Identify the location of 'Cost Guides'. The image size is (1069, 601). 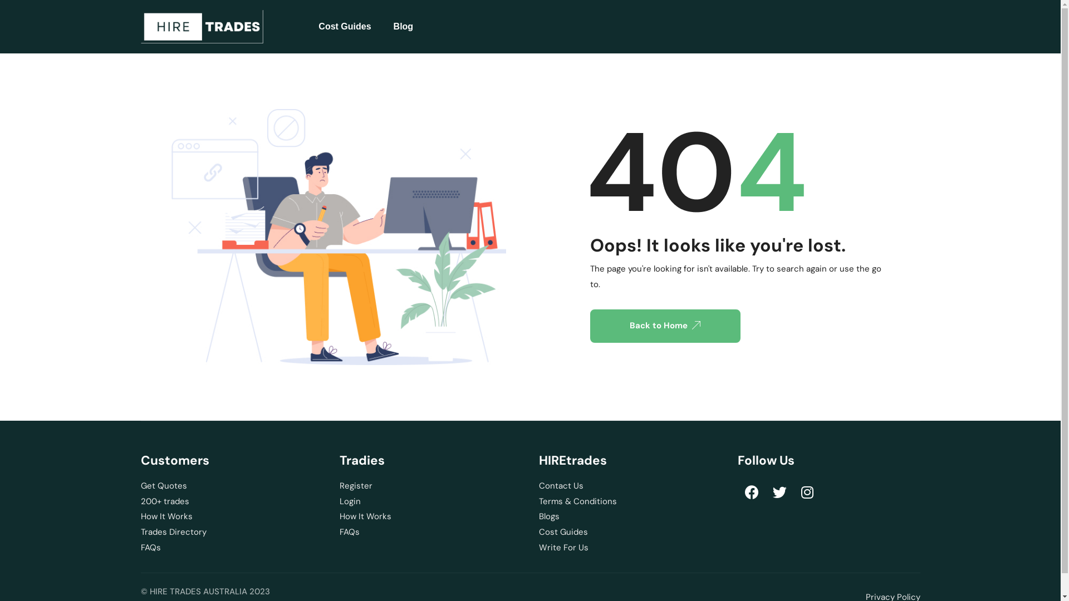
(344, 26).